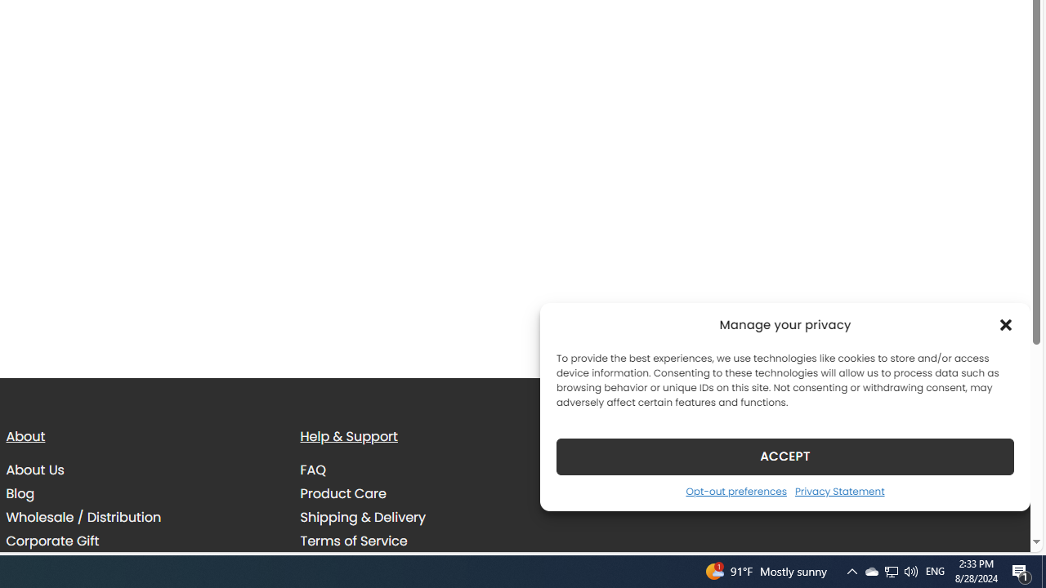 This screenshot has height=588, width=1046. What do you see at coordinates (141, 517) in the screenshot?
I see `'Wholesale / Distribution'` at bounding box center [141, 517].